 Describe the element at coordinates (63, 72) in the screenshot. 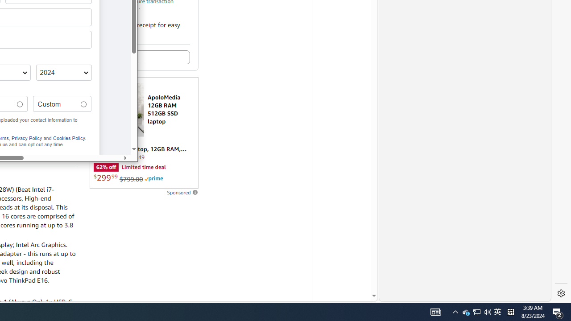

I see `'Year'` at that location.